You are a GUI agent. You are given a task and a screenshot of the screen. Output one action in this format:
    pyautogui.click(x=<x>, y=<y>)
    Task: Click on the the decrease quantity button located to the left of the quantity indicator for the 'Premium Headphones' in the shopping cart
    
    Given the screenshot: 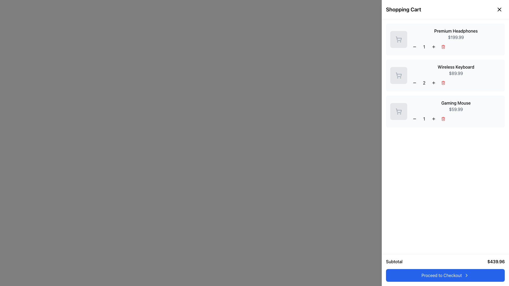 What is the action you would take?
    pyautogui.click(x=414, y=47)
    